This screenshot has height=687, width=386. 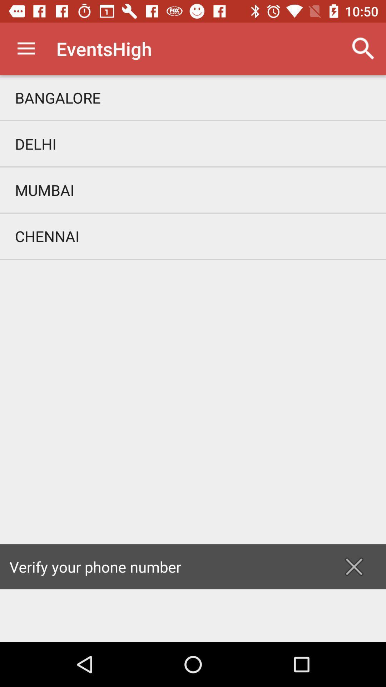 What do you see at coordinates (193, 143) in the screenshot?
I see `the item below bangalore icon` at bounding box center [193, 143].